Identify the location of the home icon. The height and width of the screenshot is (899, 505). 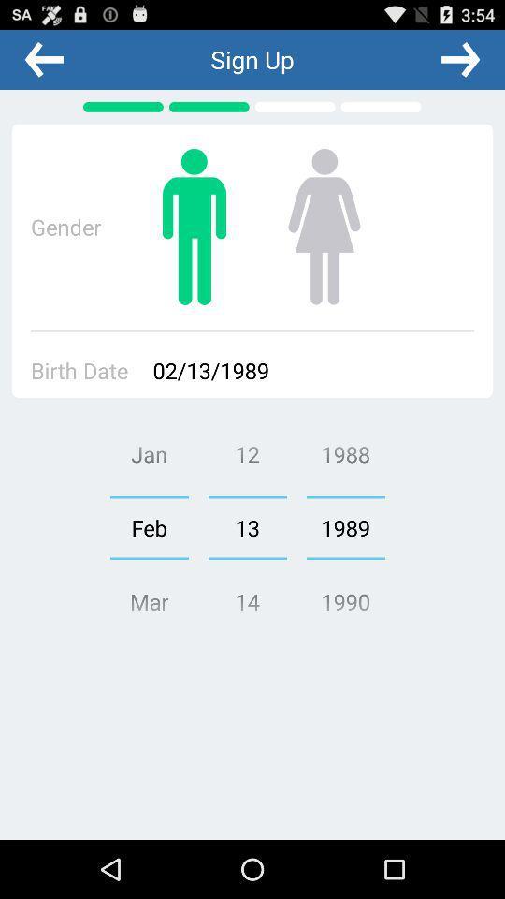
(323, 242).